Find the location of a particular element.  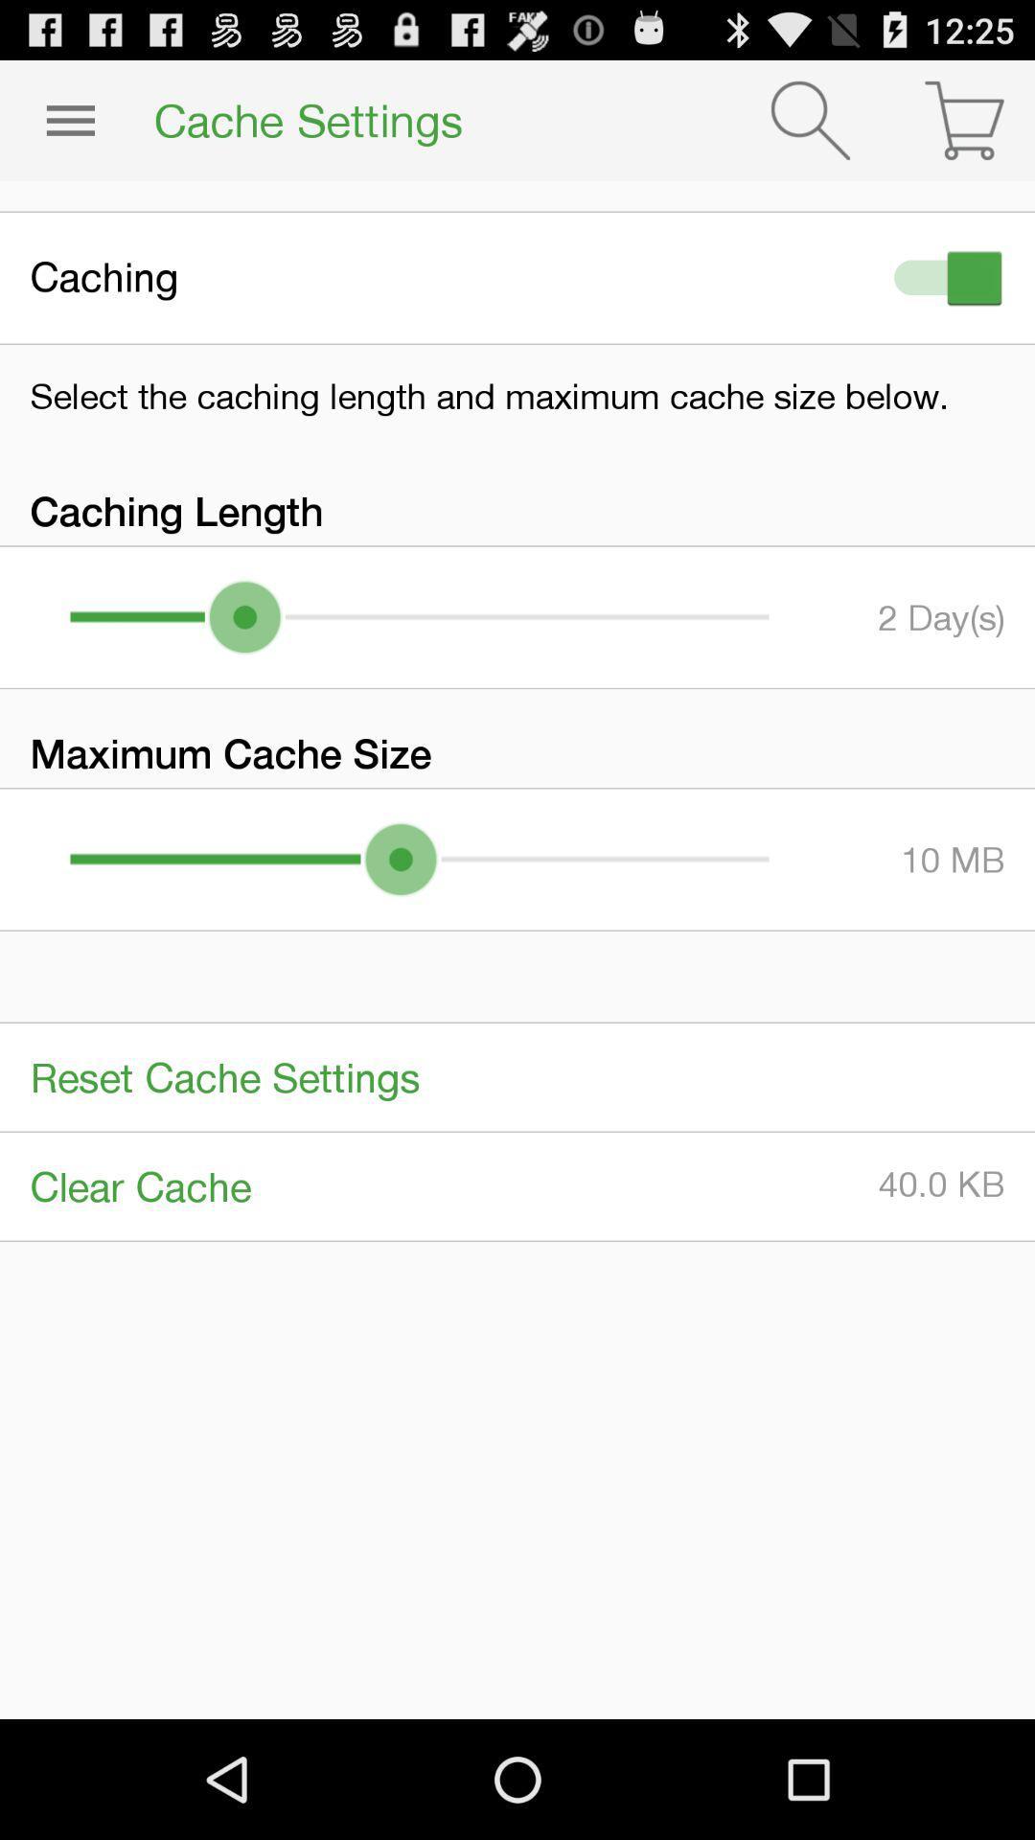

the item to the right of caching item is located at coordinates (943, 277).